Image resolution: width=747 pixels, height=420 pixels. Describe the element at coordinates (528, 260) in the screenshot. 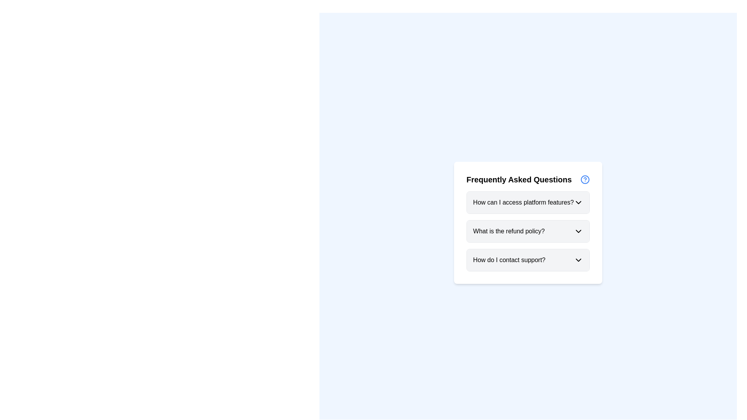

I see `the collapsible list item labeled 'How do I contact support?' to observe the style change` at that location.